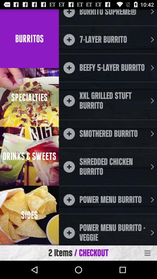  Describe the element at coordinates (69, 167) in the screenshot. I see `the add button beside the shredded chicken burrito text` at that location.